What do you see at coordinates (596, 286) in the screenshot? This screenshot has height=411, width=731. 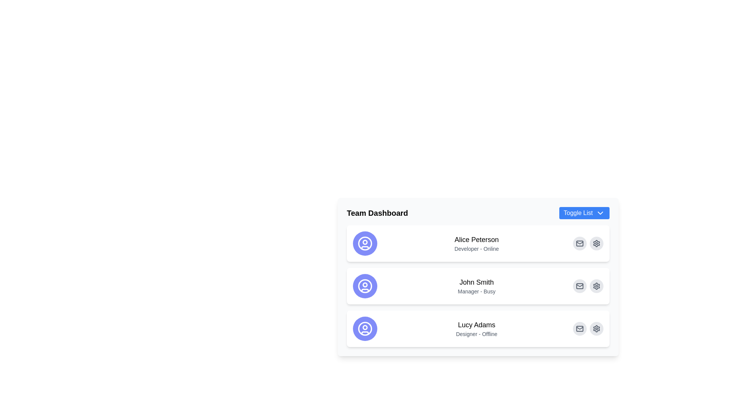 I see `the cogwheel icon button located to the right of the 'John Smith' section in the 'Manager - Busy' row` at bounding box center [596, 286].